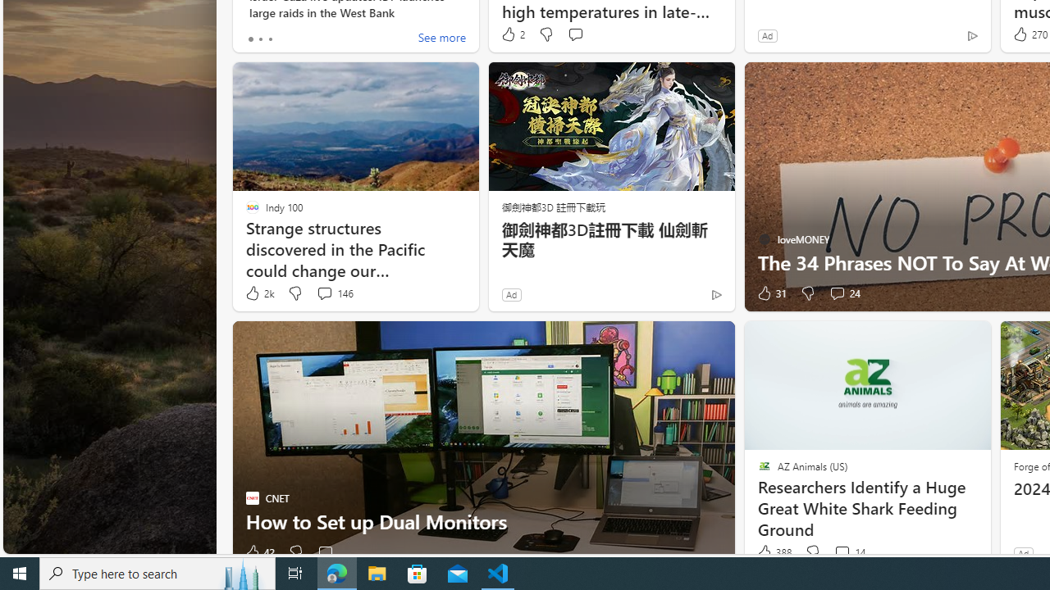 This screenshot has height=590, width=1050. I want to click on 'View comments 14 Comment', so click(849, 552).